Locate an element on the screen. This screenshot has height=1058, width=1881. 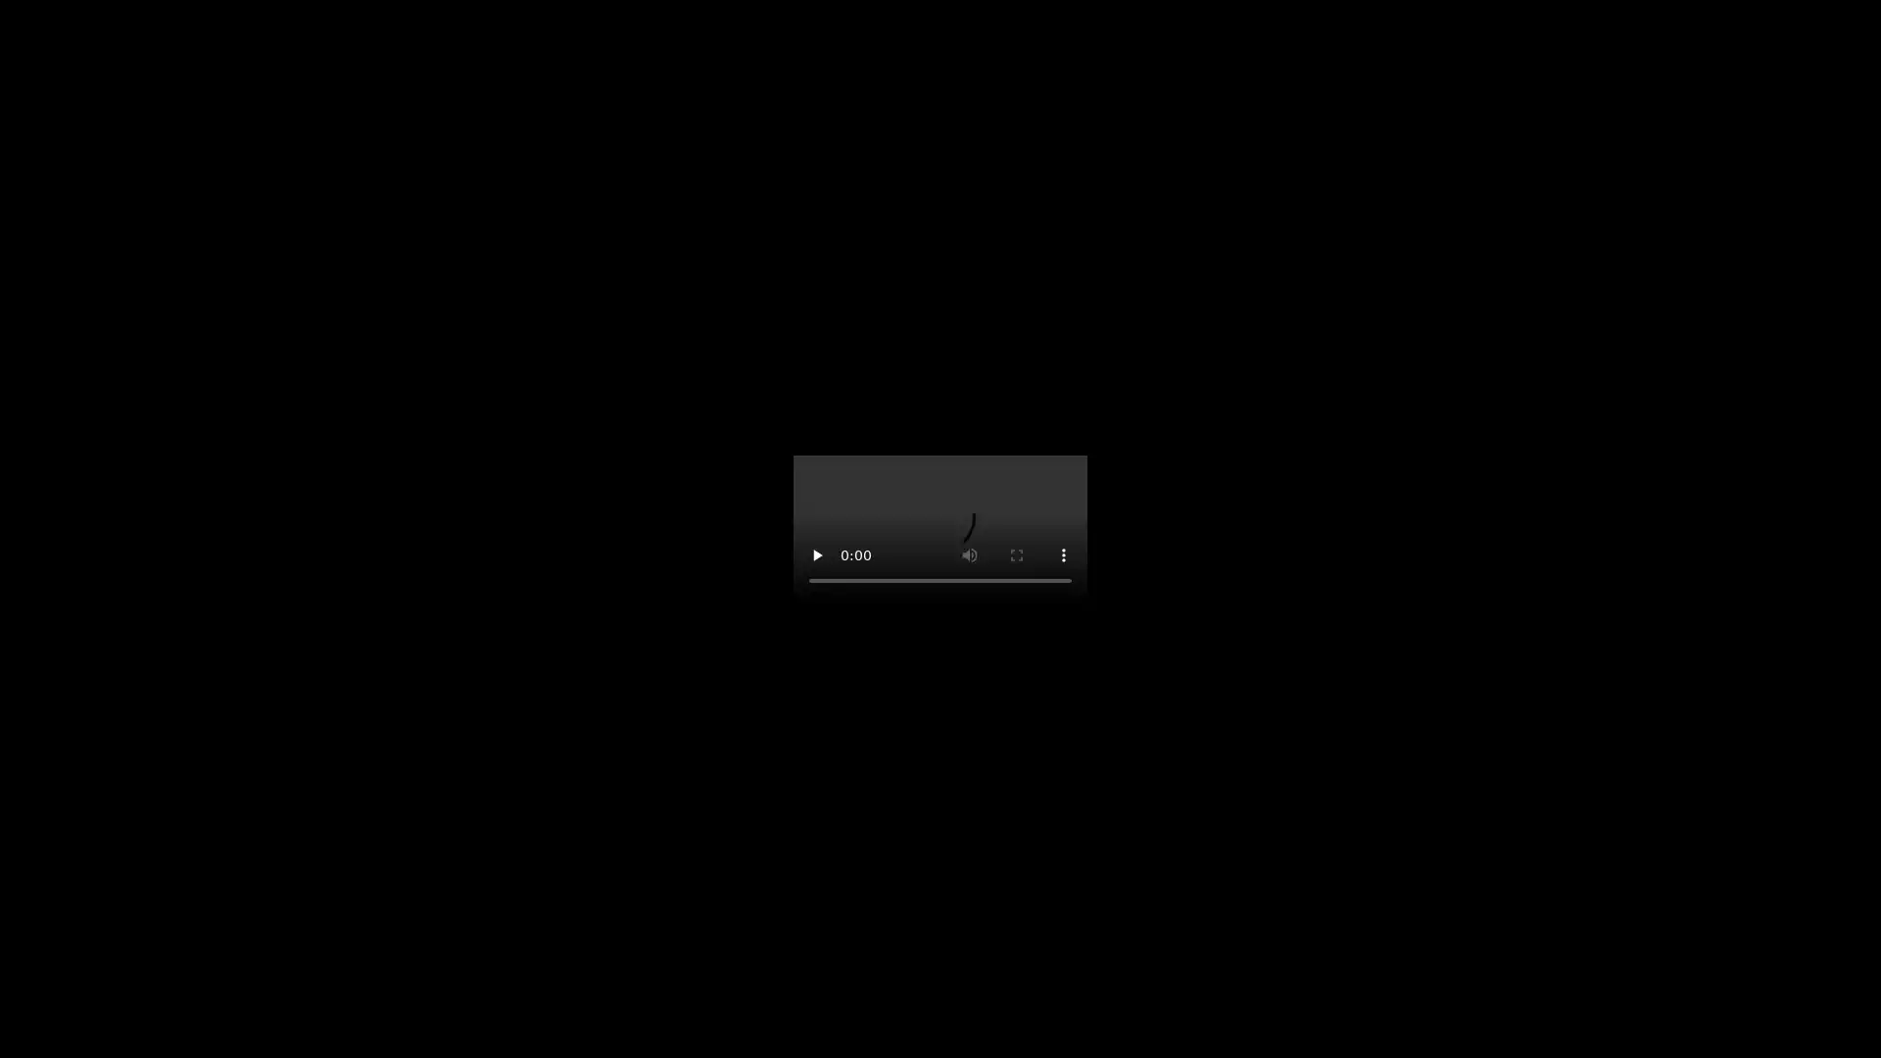
play is located at coordinates (817, 555).